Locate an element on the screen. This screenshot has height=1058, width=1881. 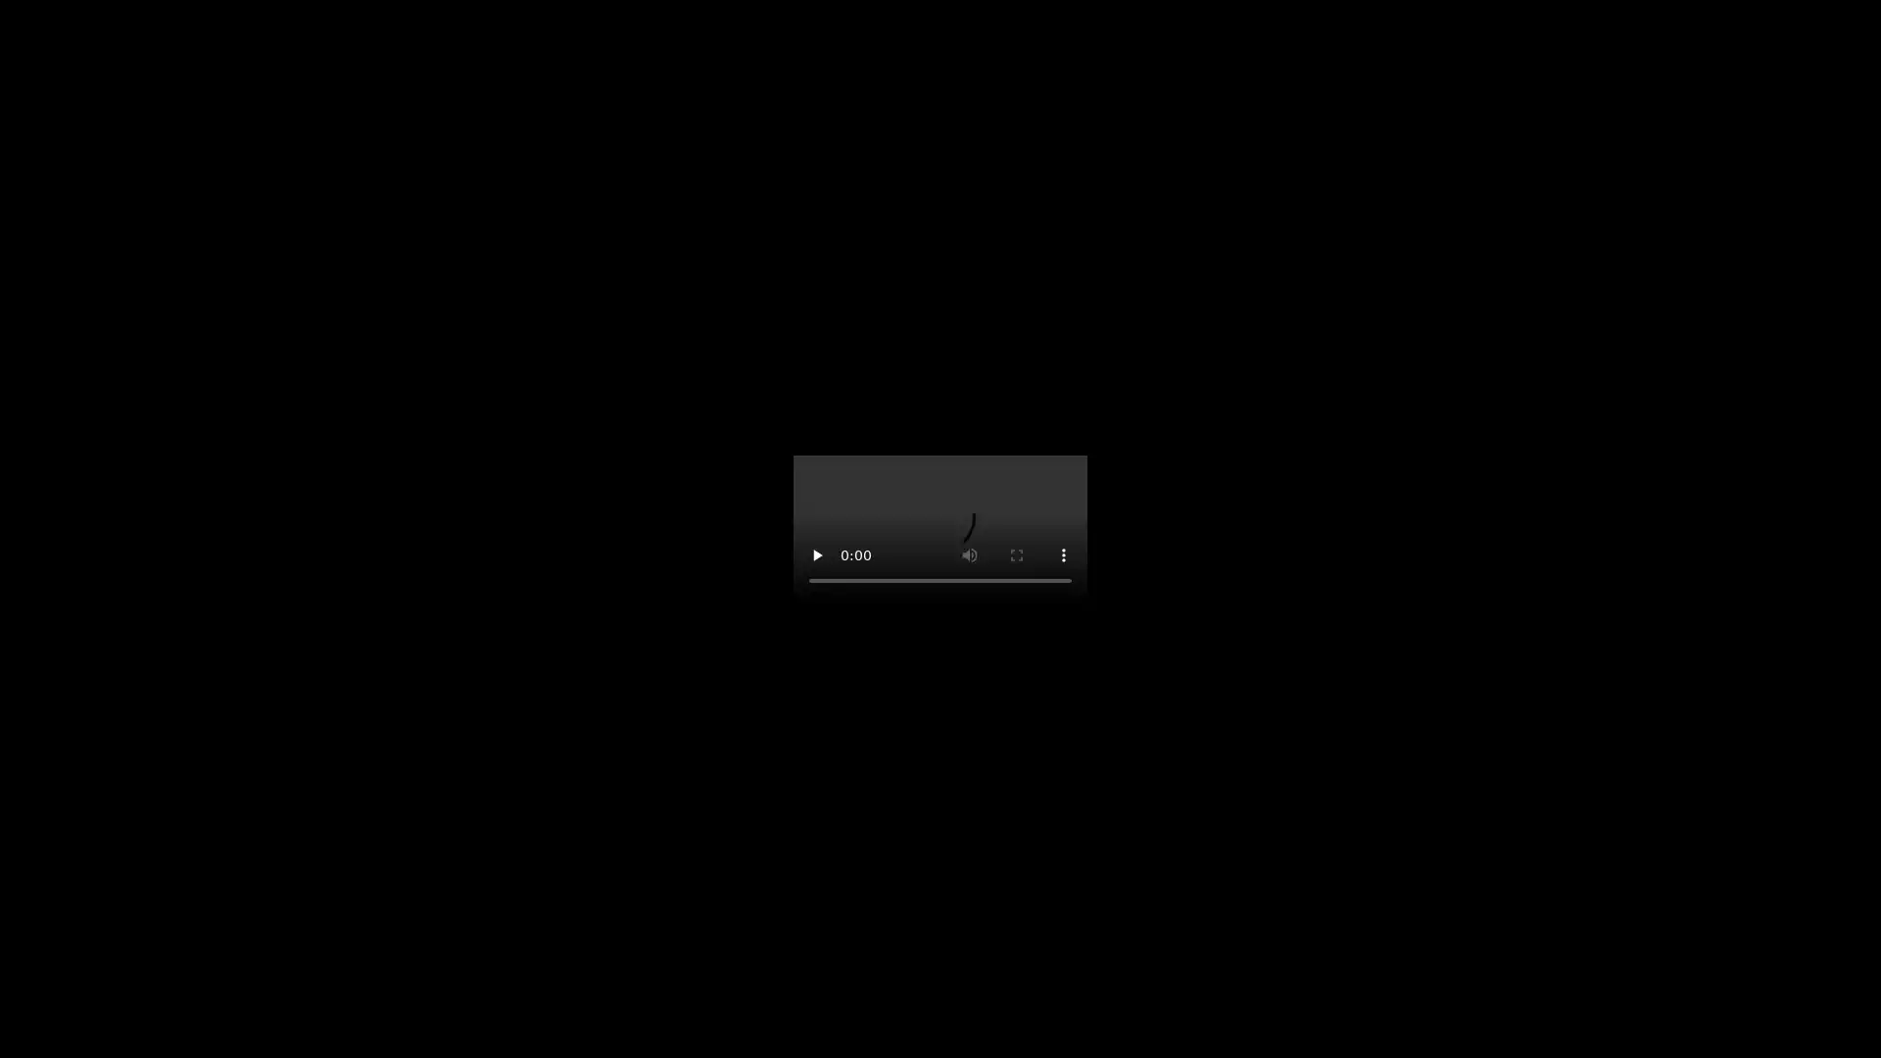
play is located at coordinates (817, 555).